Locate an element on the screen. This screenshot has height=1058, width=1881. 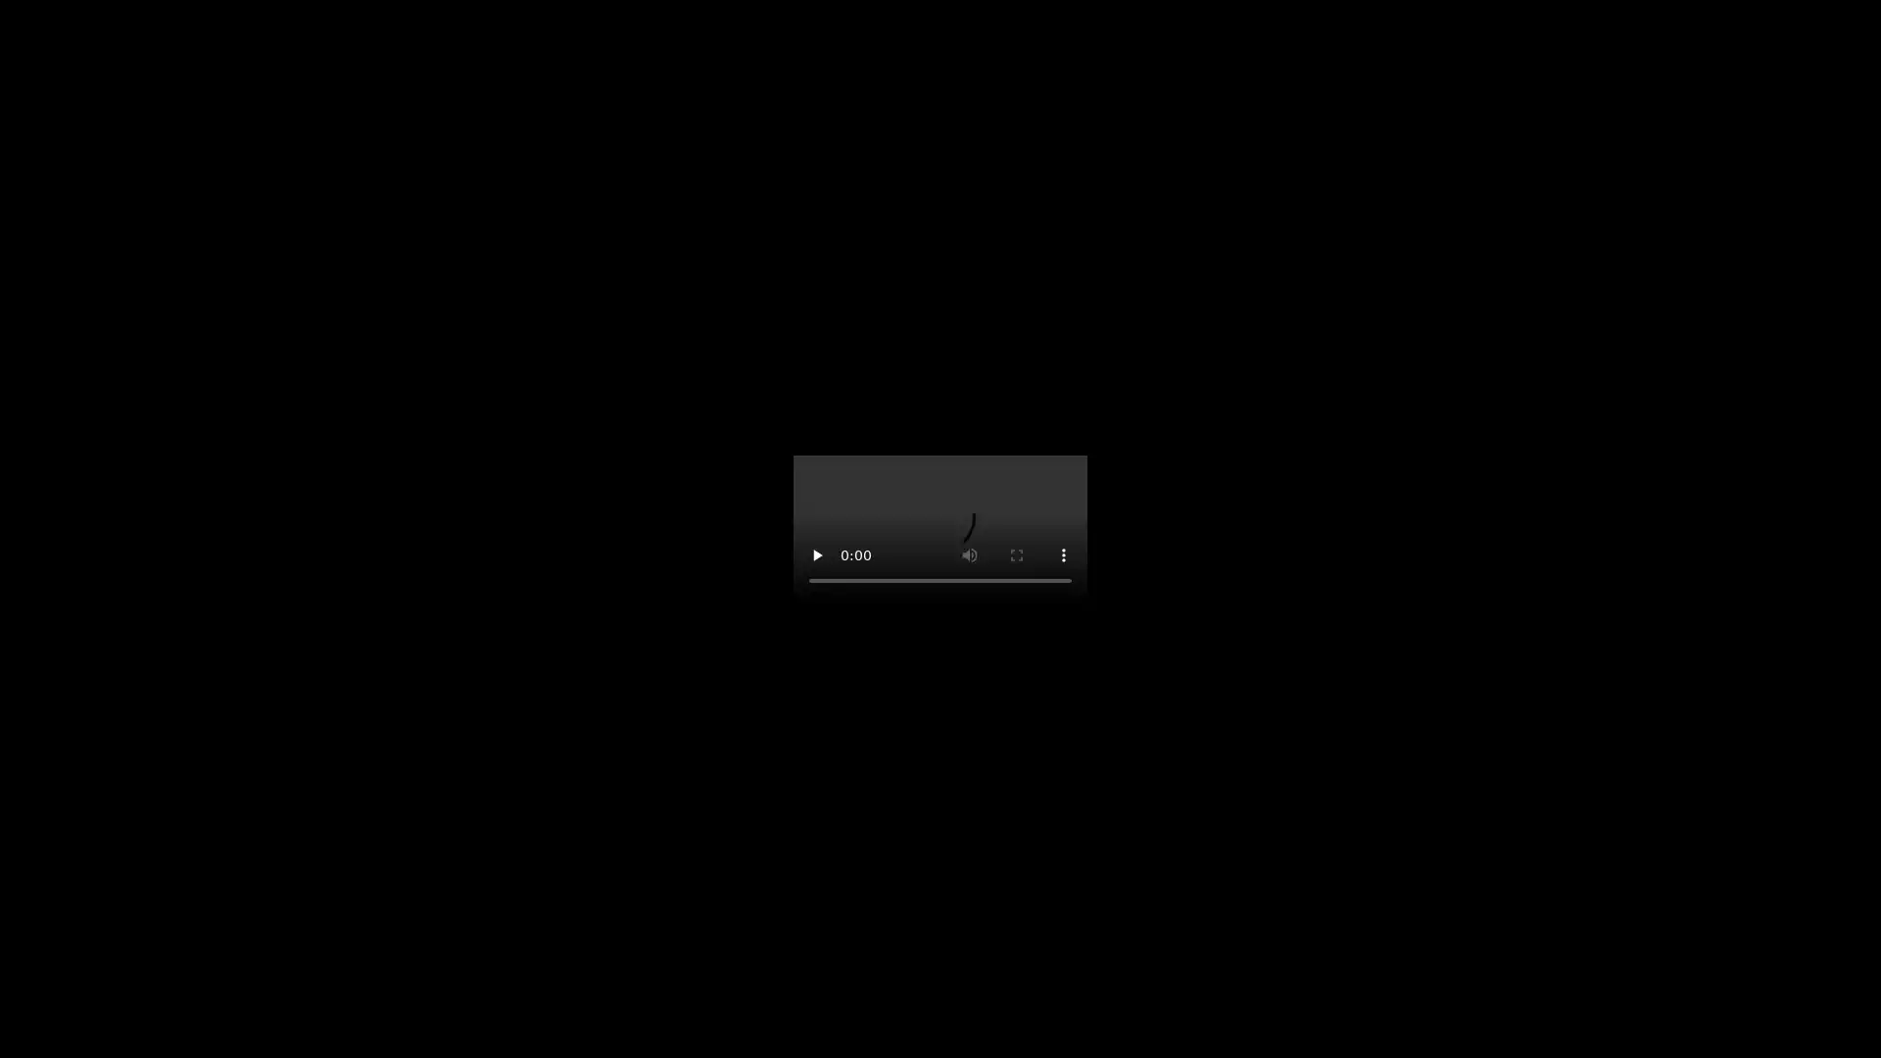
play is located at coordinates (817, 555).